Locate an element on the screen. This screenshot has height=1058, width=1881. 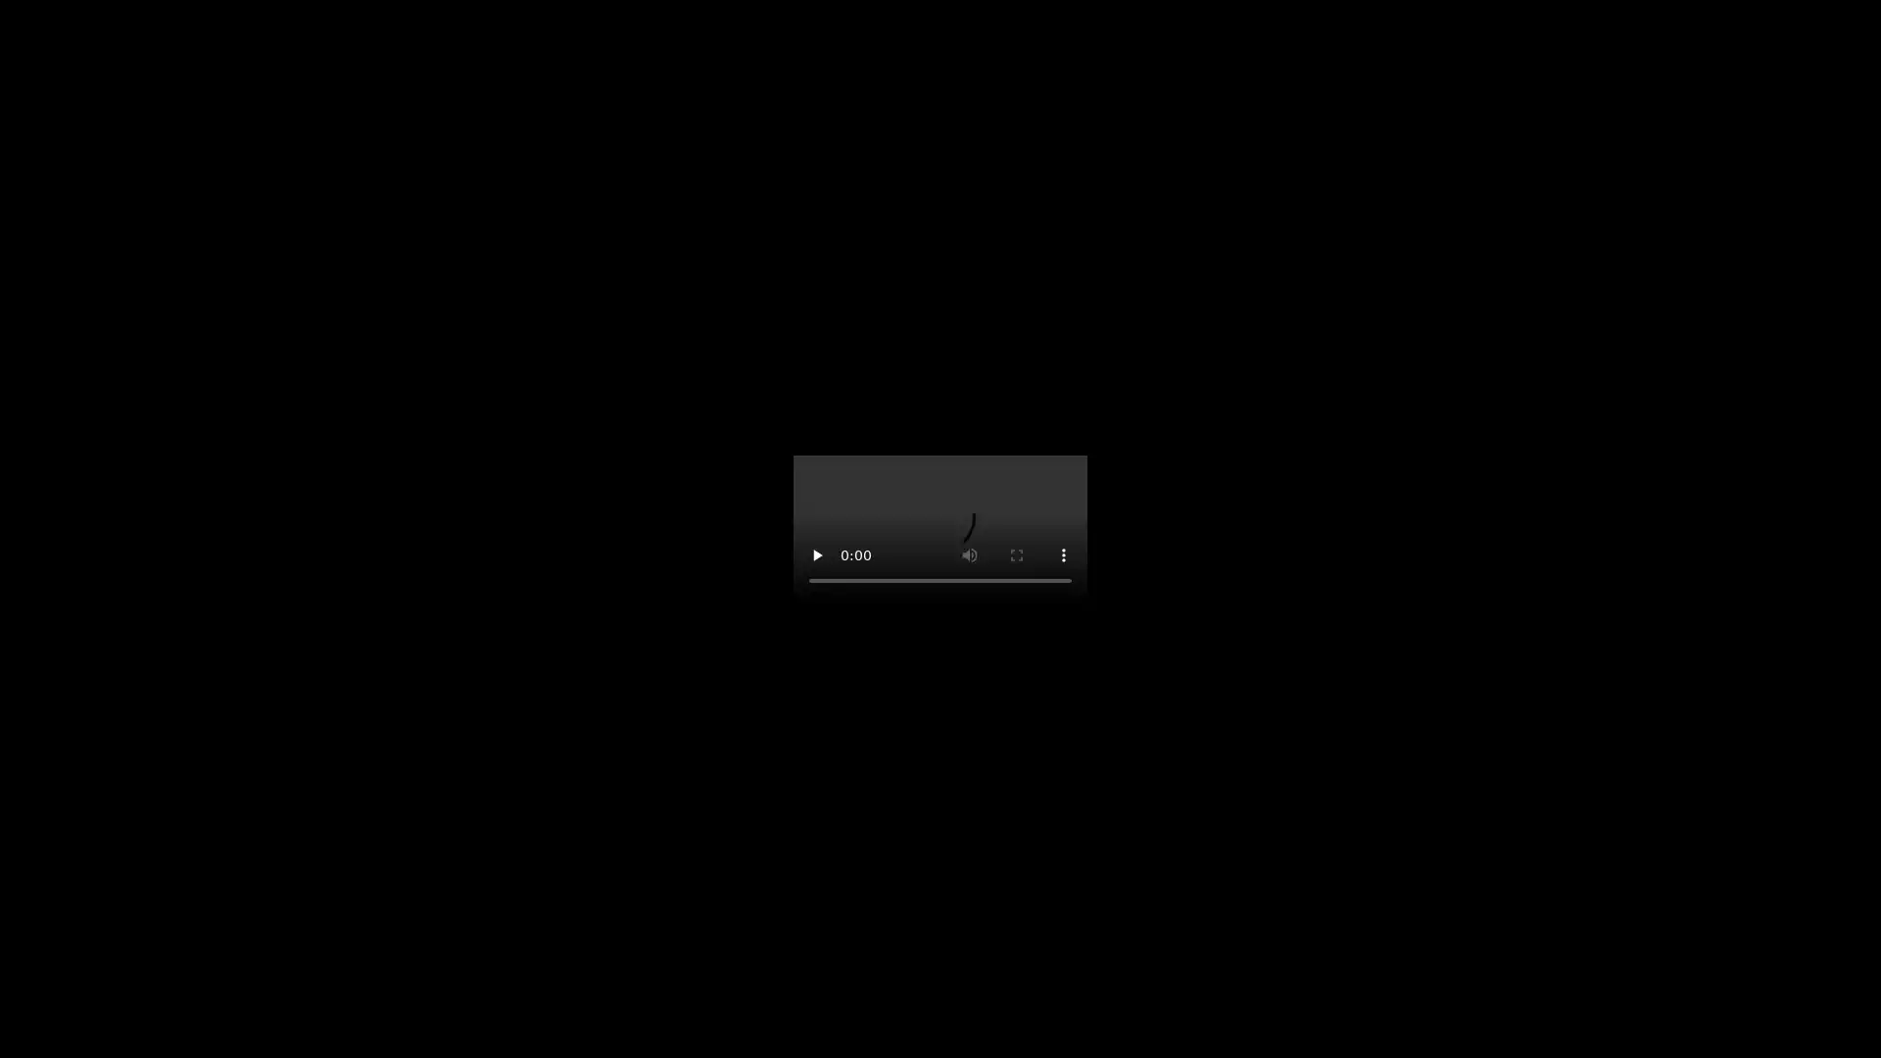
play is located at coordinates (817, 555).